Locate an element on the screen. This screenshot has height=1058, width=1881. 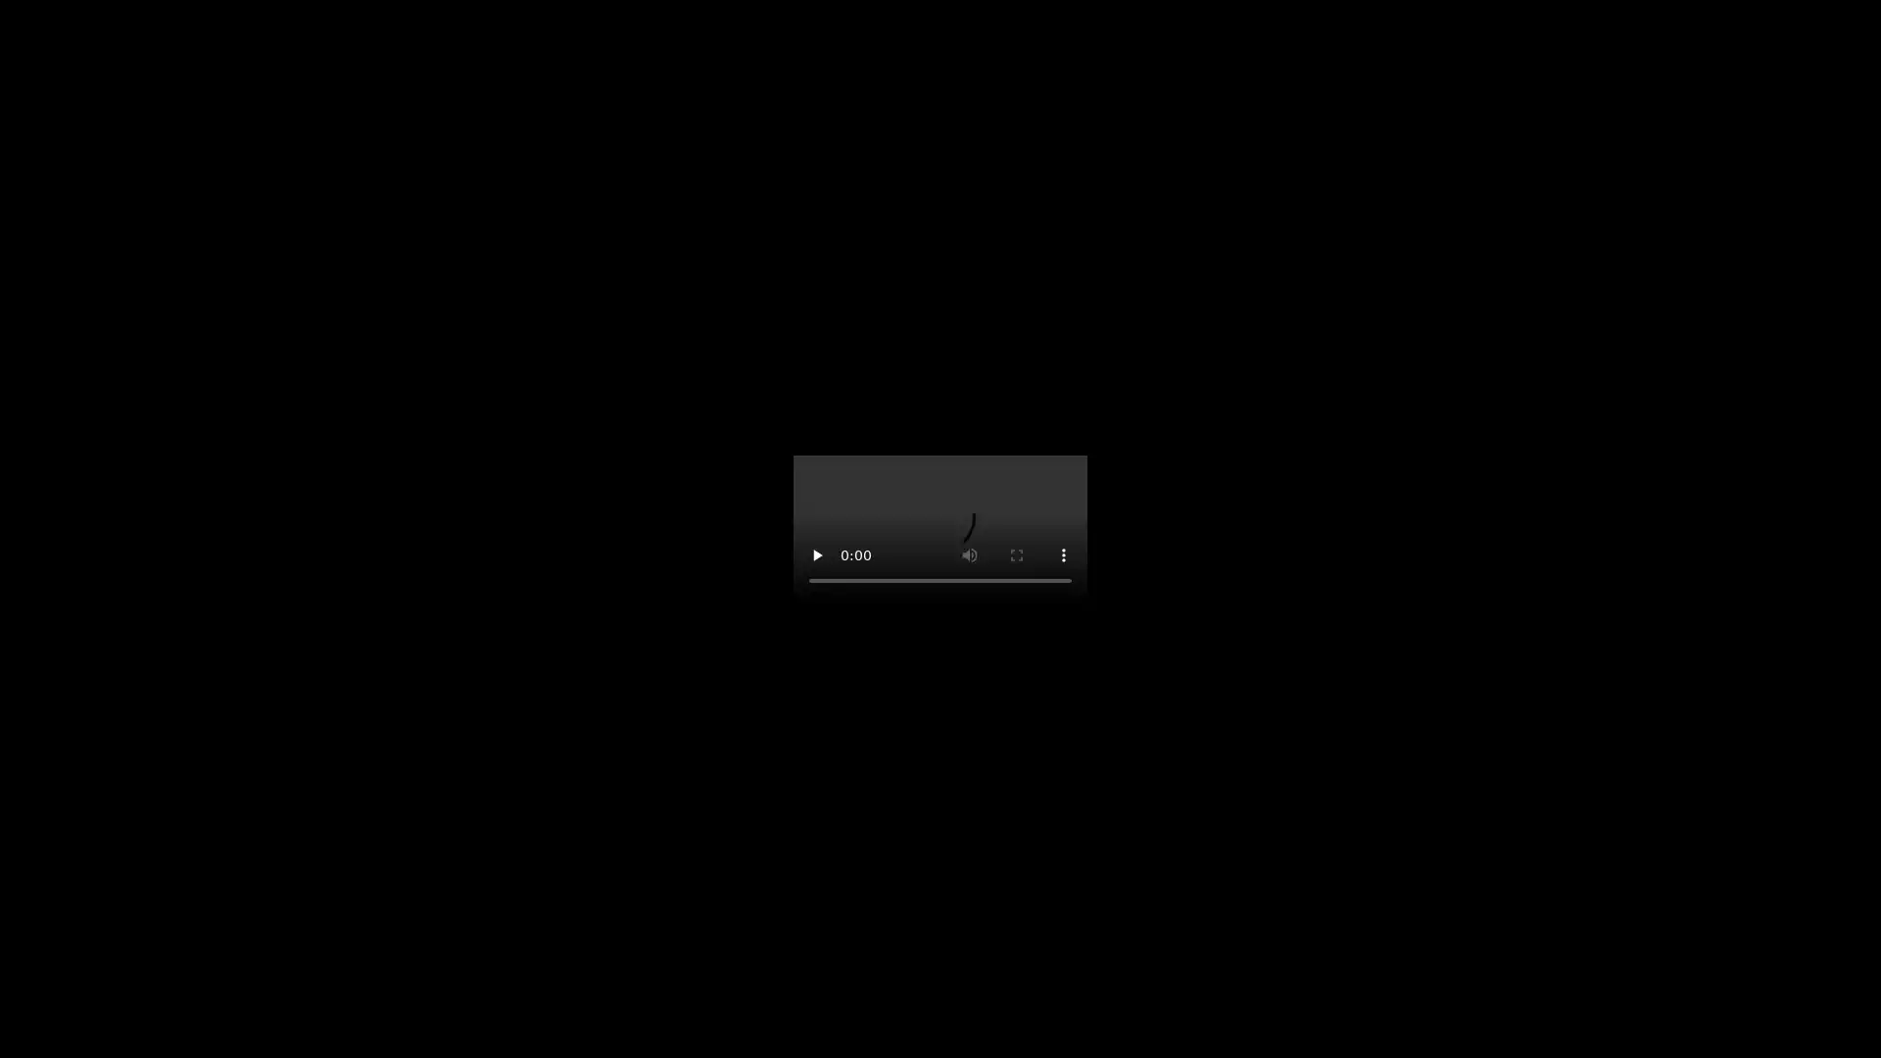
play is located at coordinates (817, 555).